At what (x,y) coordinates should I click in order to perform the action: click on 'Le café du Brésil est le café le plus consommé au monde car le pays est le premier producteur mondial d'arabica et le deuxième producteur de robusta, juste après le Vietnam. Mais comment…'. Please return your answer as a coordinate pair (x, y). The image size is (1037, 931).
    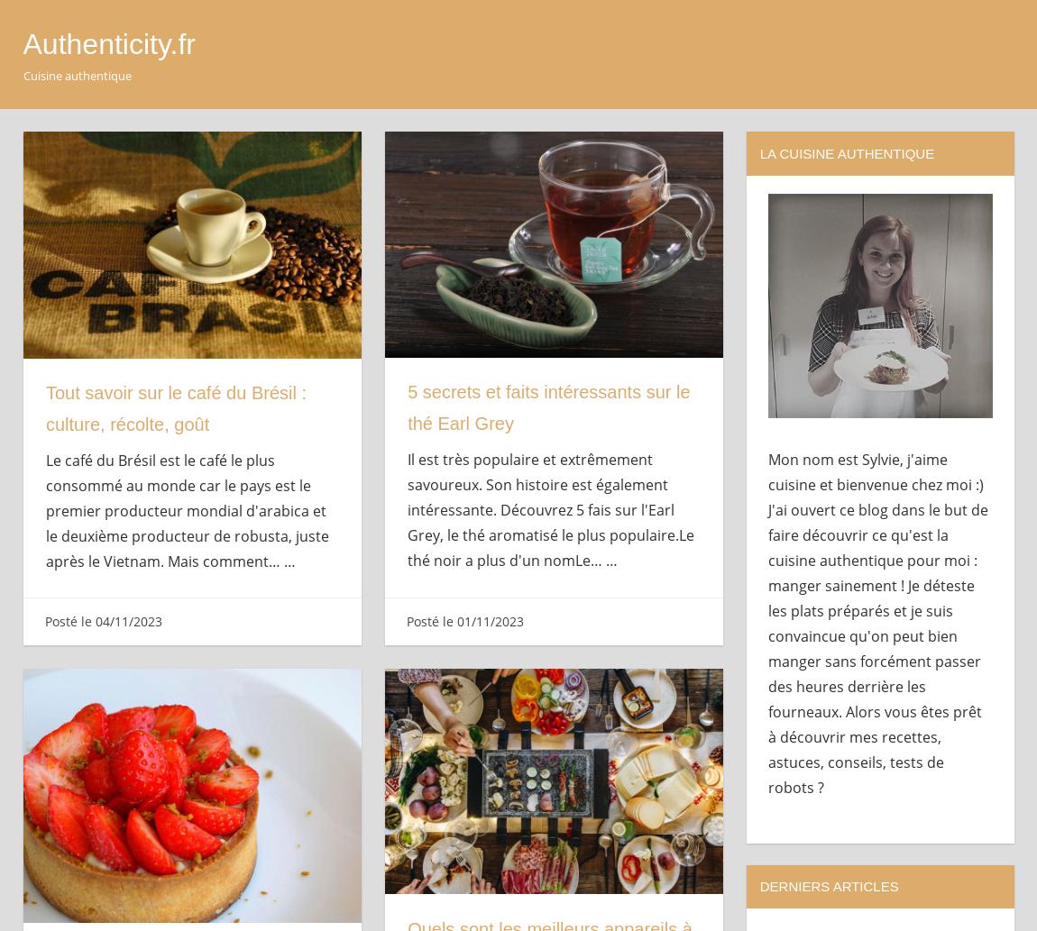
    Looking at the image, I should click on (187, 510).